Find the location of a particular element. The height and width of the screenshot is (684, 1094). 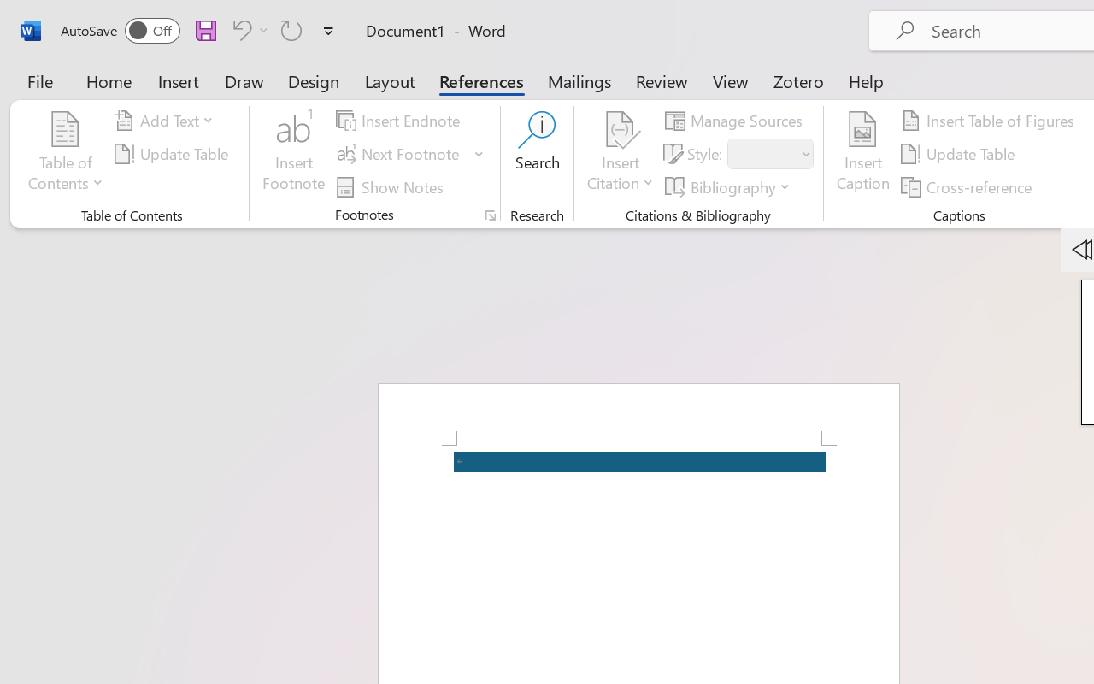

'Insert Citation' is located at coordinates (620, 153).